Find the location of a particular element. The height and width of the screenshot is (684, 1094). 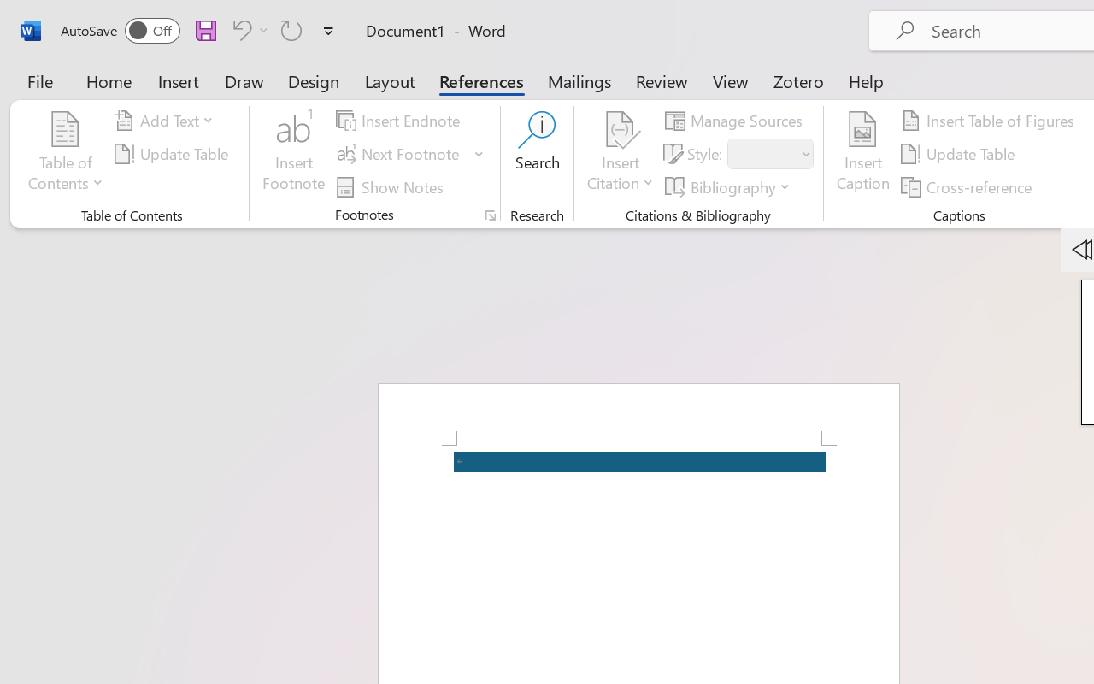

'Insert Citation' is located at coordinates (620, 153).